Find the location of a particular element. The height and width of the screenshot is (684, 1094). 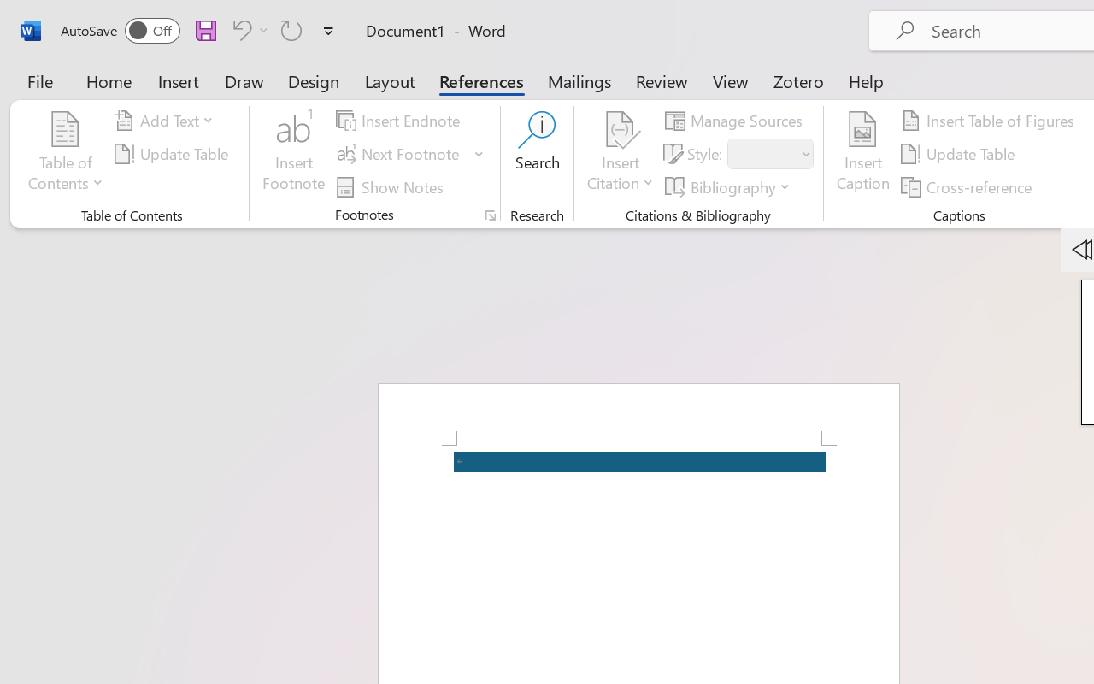

'Insert Citation' is located at coordinates (620, 153).